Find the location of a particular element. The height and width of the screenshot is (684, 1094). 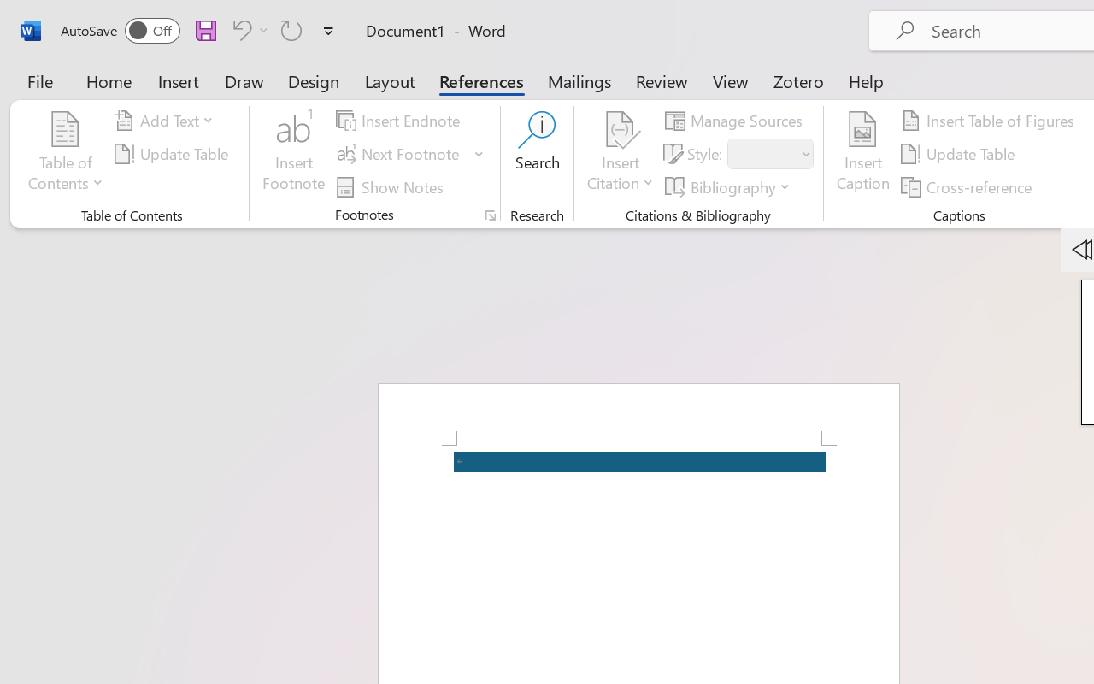

'Insert Citation' is located at coordinates (620, 153).